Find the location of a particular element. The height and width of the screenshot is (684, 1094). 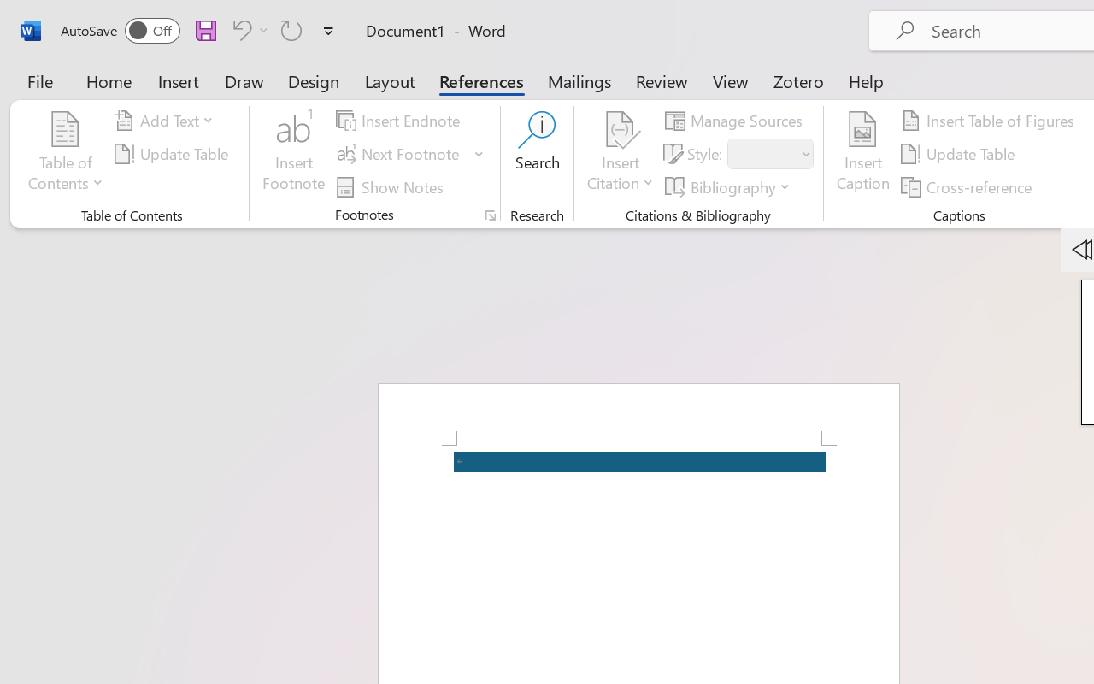

'Insert Citation' is located at coordinates (620, 153).